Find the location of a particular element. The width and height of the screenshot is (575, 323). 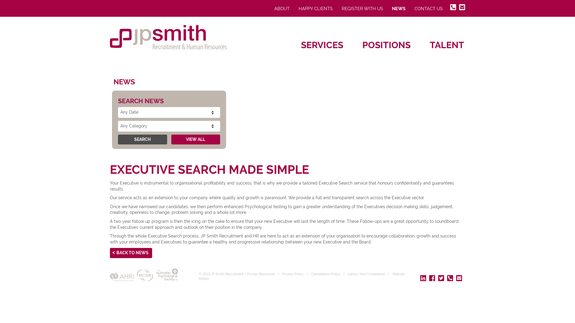

'Privacy Policy' is located at coordinates (282, 274).